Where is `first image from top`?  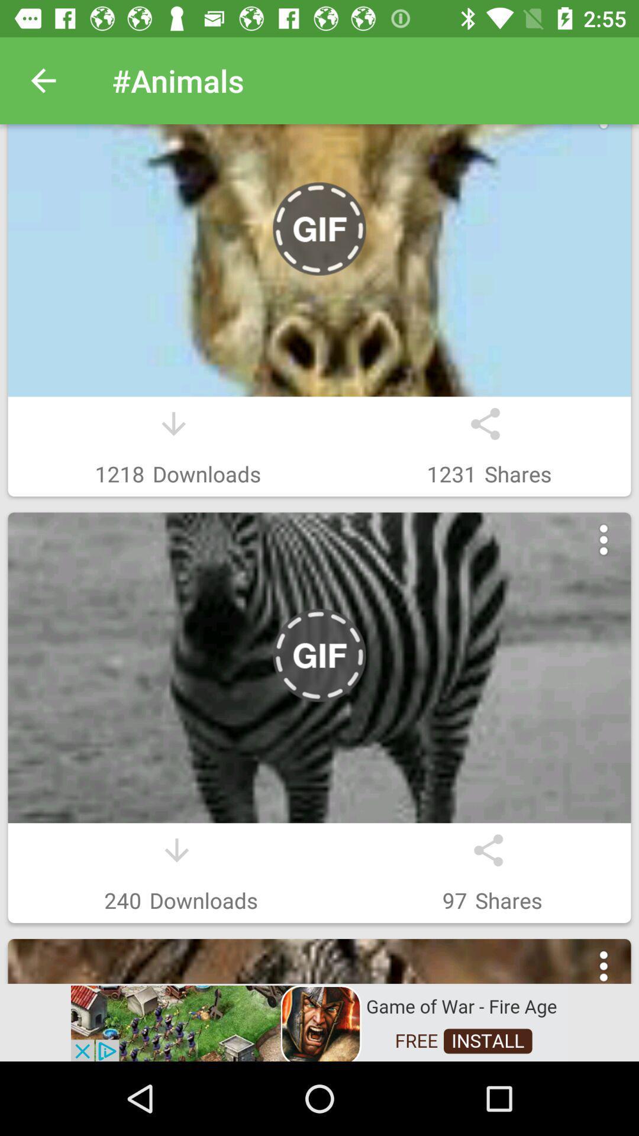 first image from top is located at coordinates (319, 260).